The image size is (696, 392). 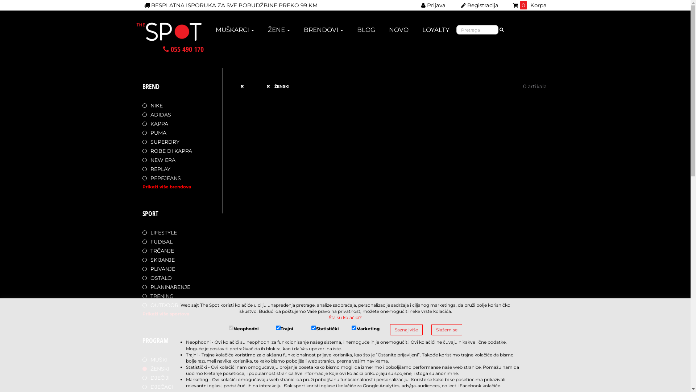 What do you see at coordinates (366, 32) in the screenshot?
I see `'BLOG'` at bounding box center [366, 32].